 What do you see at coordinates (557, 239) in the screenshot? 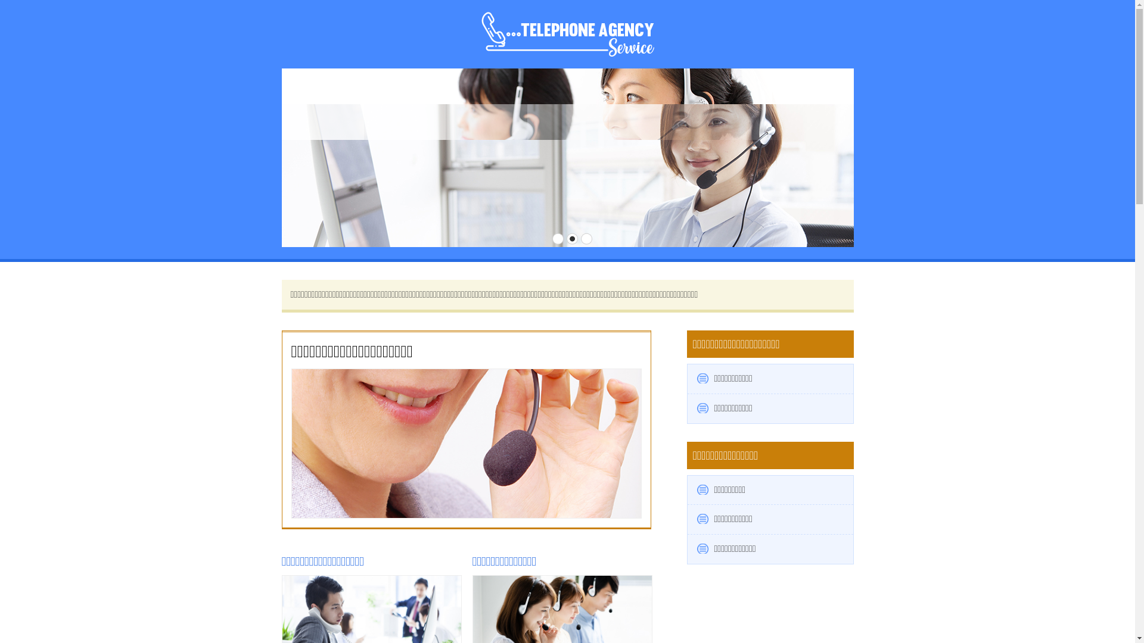
I see `'1'` at bounding box center [557, 239].